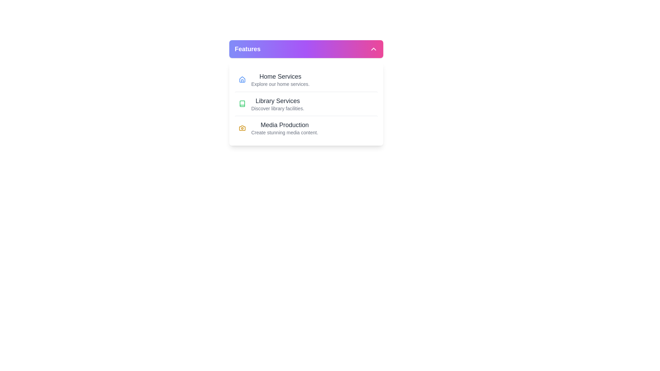 The image size is (660, 371). I want to click on the text label that reads 'Explore our home services.' which is located below the heading 'Home Services.', so click(280, 84).